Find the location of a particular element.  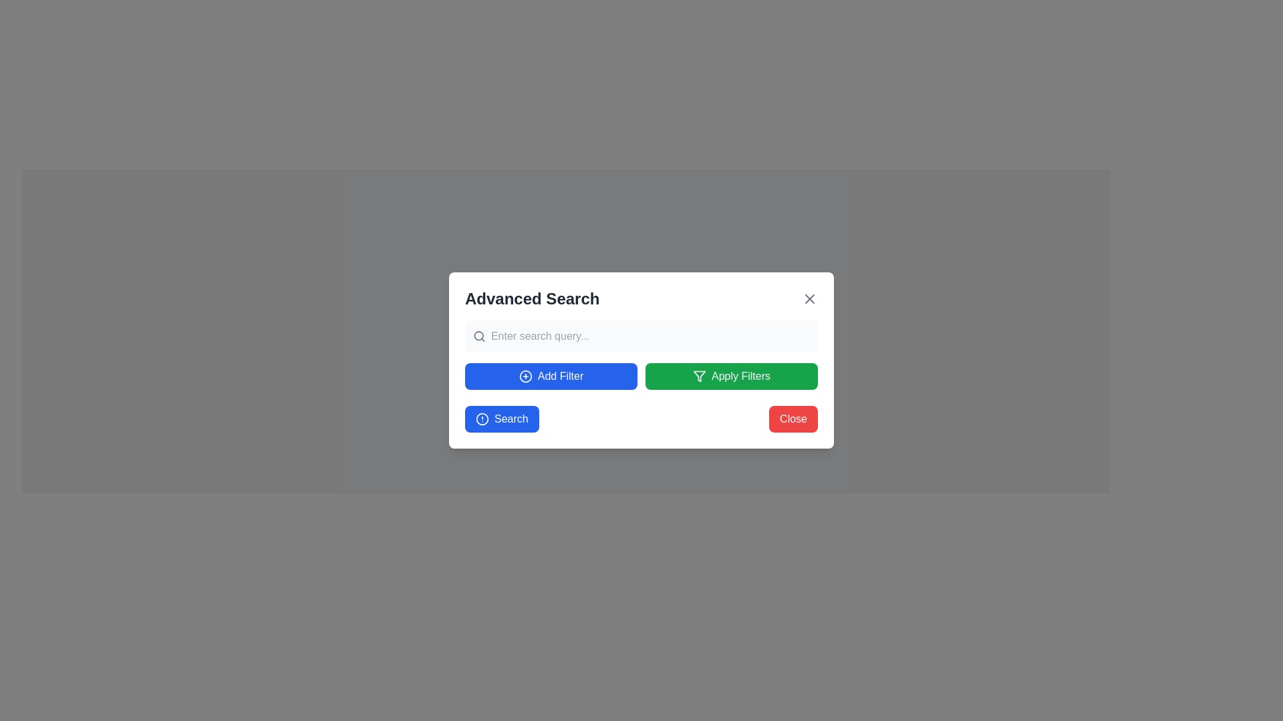

the blue rectangular button with a white circular exclamation mark icon and the text 'Search' to initiate a search is located at coordinates (501, 419).